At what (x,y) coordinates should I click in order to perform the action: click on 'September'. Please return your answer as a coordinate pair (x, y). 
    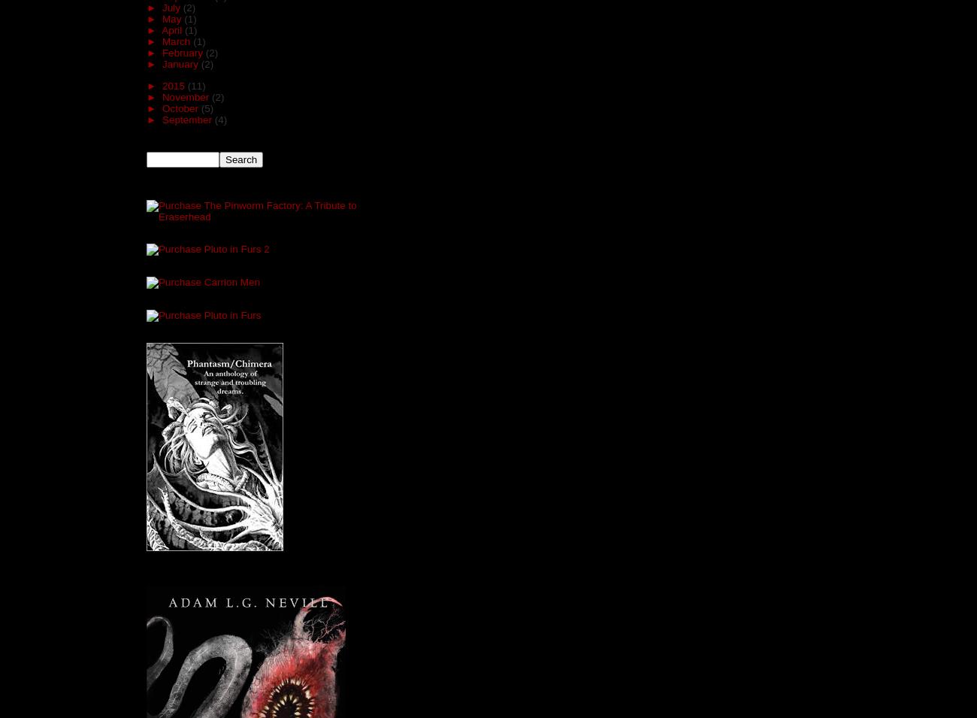
    Looking at the image, I should click on (186, 118).